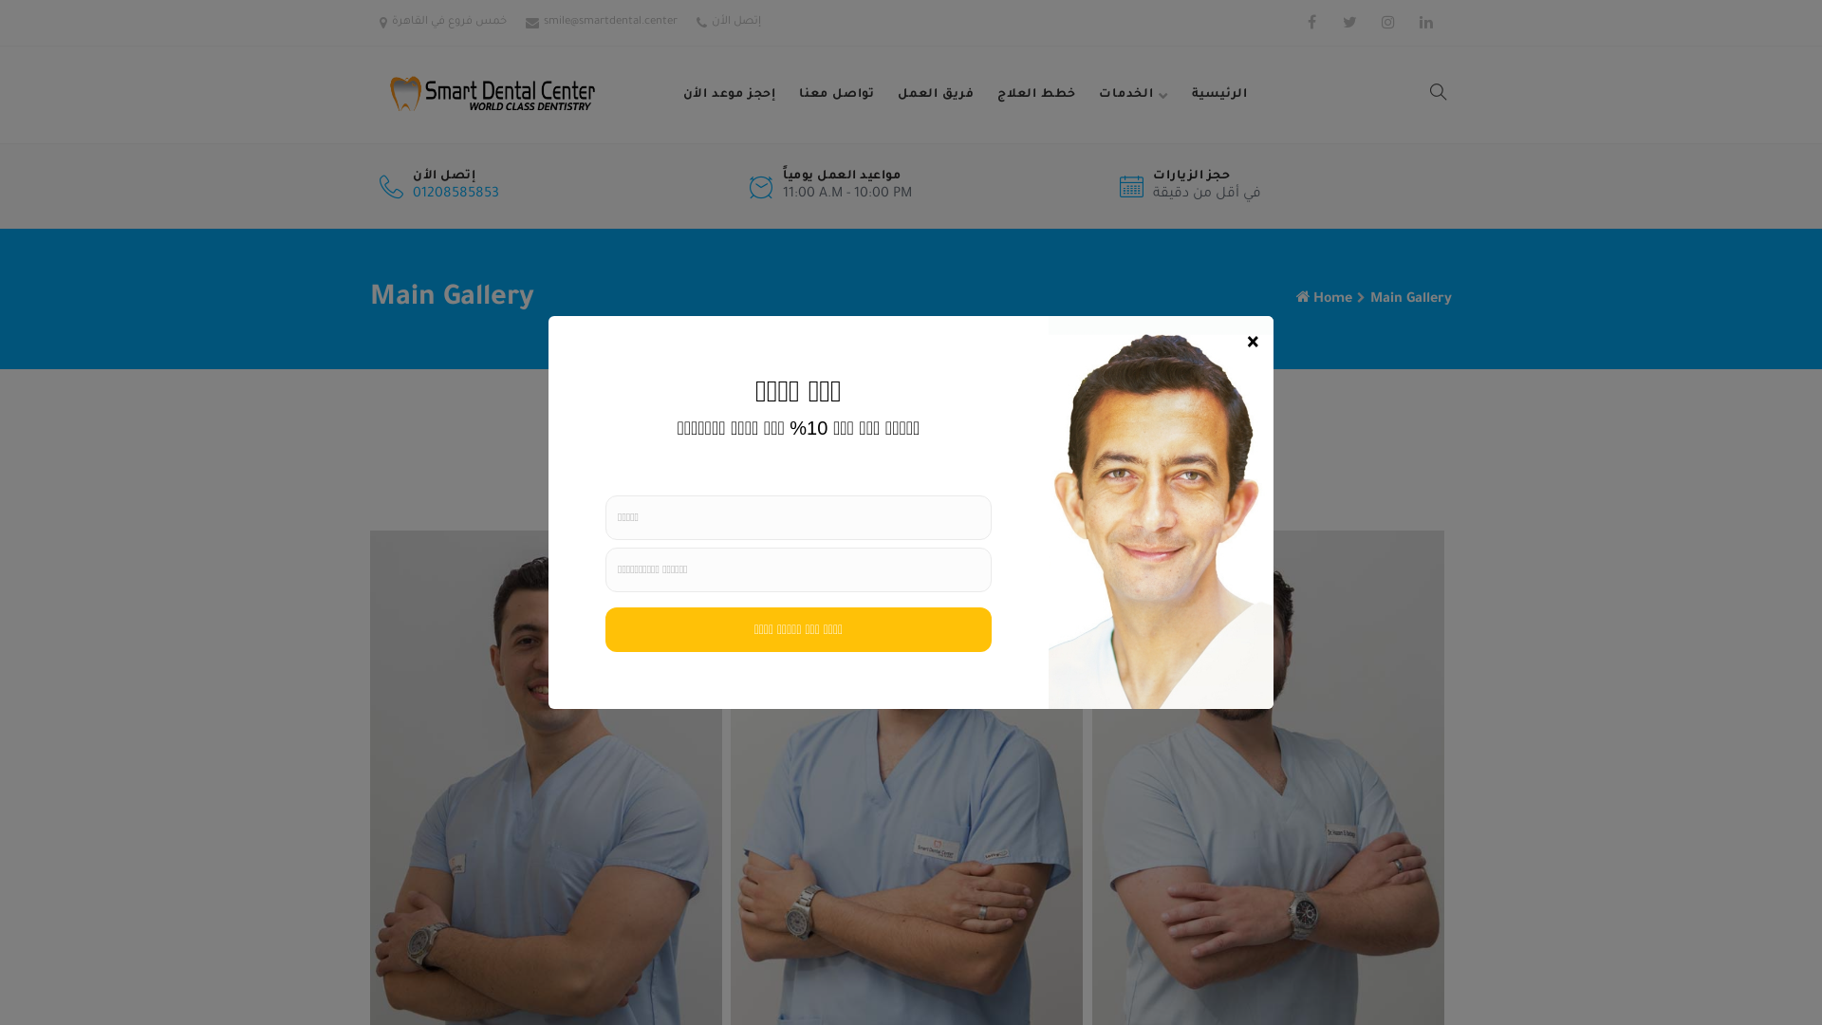  I want to click on 'Instagram', so click(1387, 22).